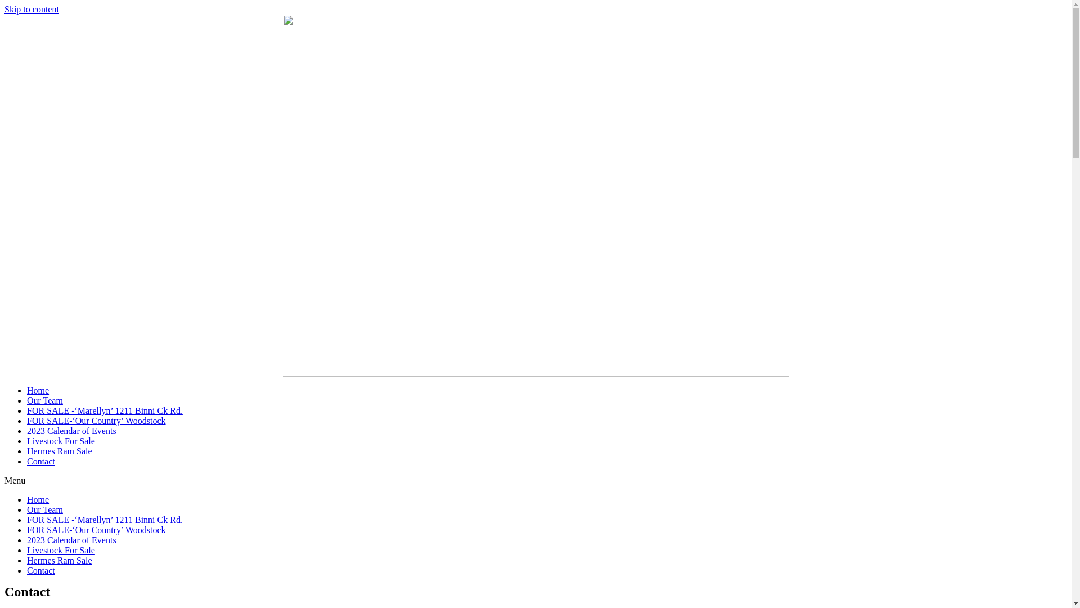 The height and width of the screenshot is (608, 1080). I want to click on 'Contact', so click(27, 461).